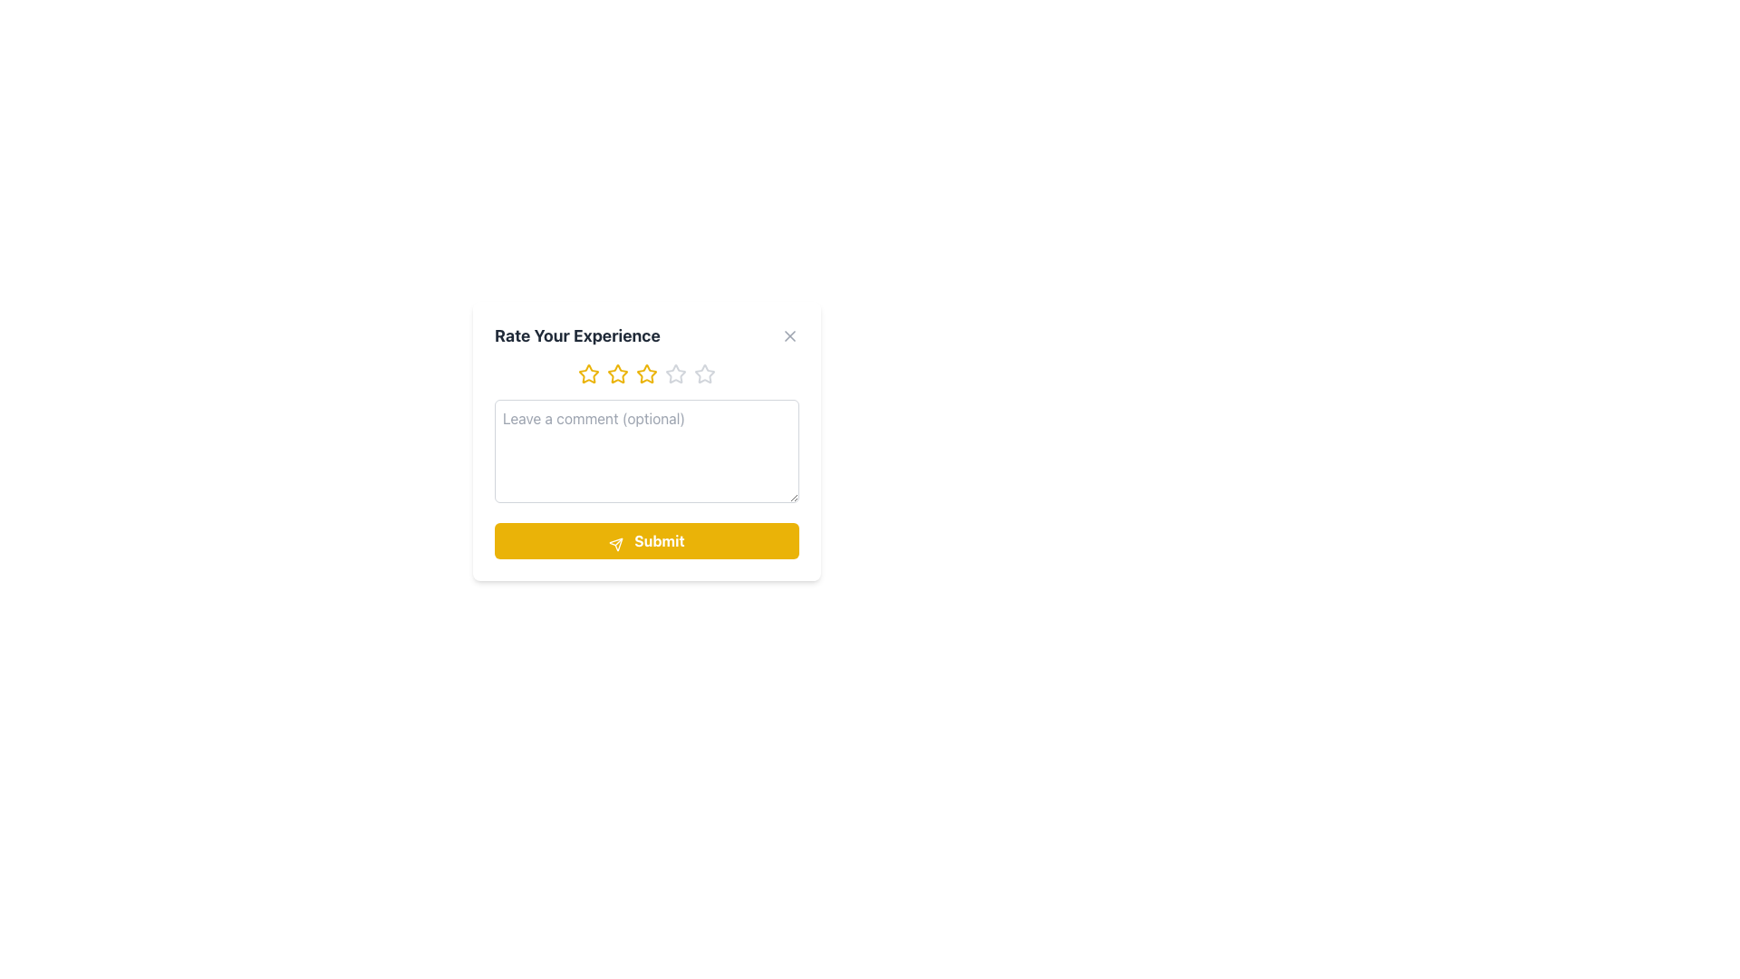  Describe the element at coordinates (617, 373) in the screenshot. I see `the second star icon with a yellow outline in the 'Rate Your Experience' modal` at that location.